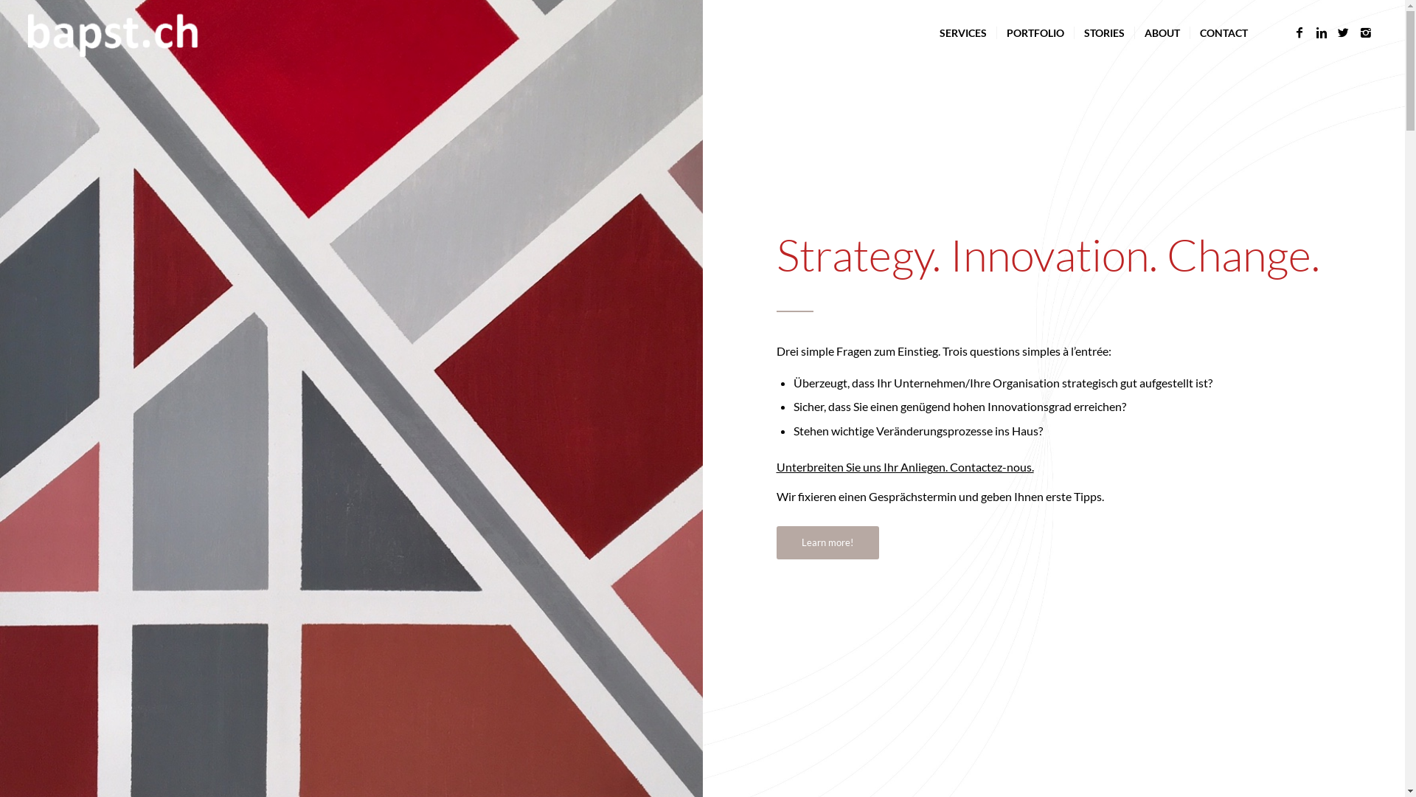  What do you see at coordinates (1161, 33) in the screenshot?
I see `'ABOUT'` at bounding box center [1161, 33].